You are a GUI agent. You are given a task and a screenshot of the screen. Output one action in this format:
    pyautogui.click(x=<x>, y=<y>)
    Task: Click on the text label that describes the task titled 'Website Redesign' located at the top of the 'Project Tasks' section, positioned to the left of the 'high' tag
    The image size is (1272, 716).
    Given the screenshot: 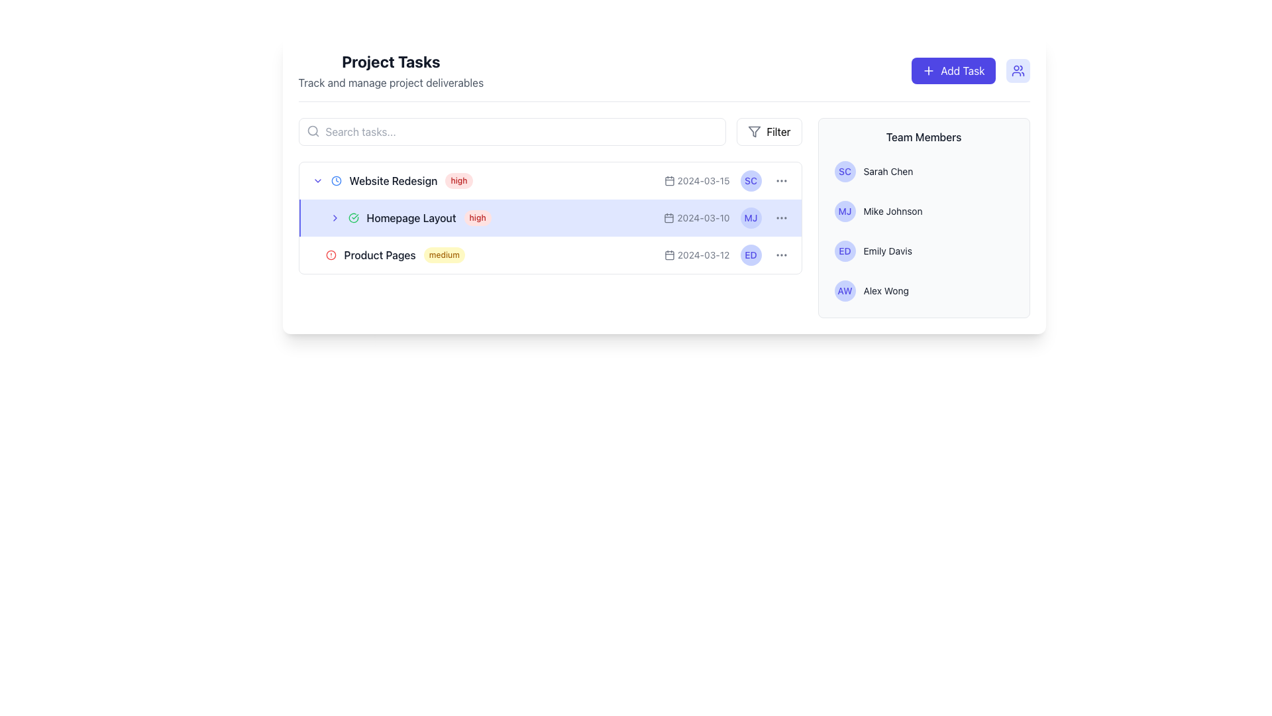 What is the action you would take?
    pyautogui.click(x=393, y=181)
    